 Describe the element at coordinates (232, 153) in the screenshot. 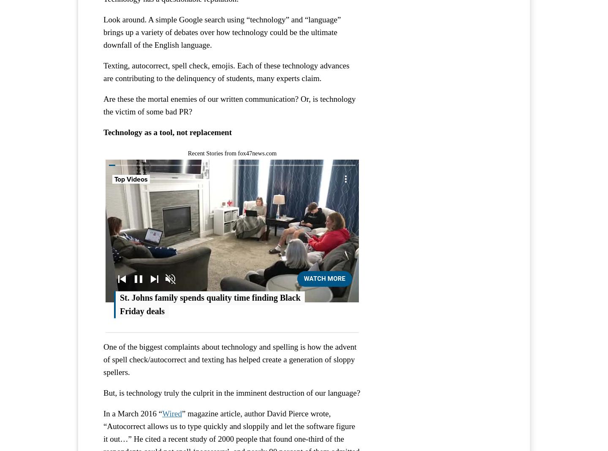

I see `'Recent Stories from fox47news.com'` at that location.